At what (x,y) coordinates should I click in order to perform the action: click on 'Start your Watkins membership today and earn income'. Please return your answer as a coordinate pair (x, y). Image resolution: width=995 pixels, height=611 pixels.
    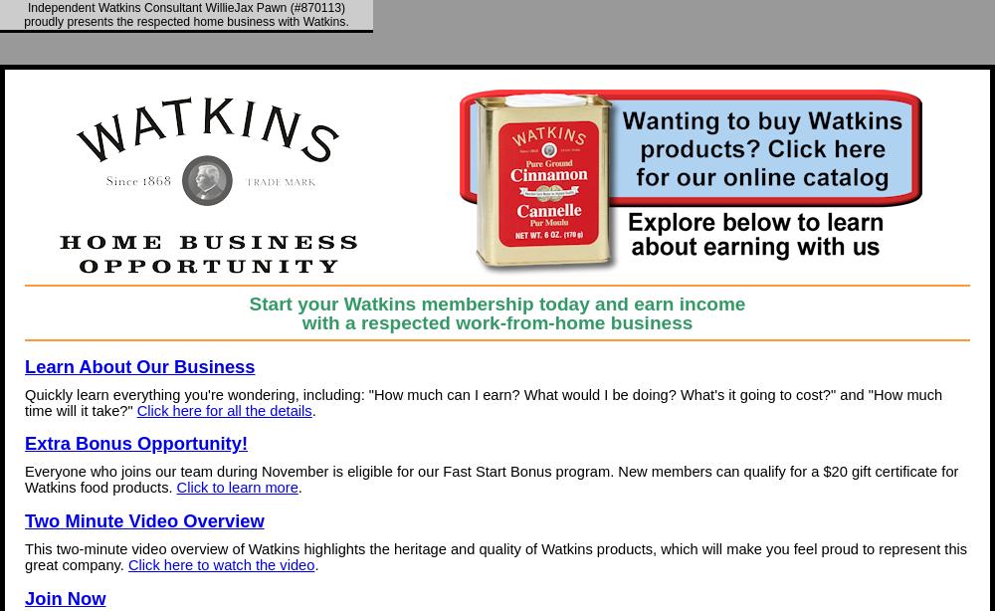
    Looking at the image, I should click on (496, 302).